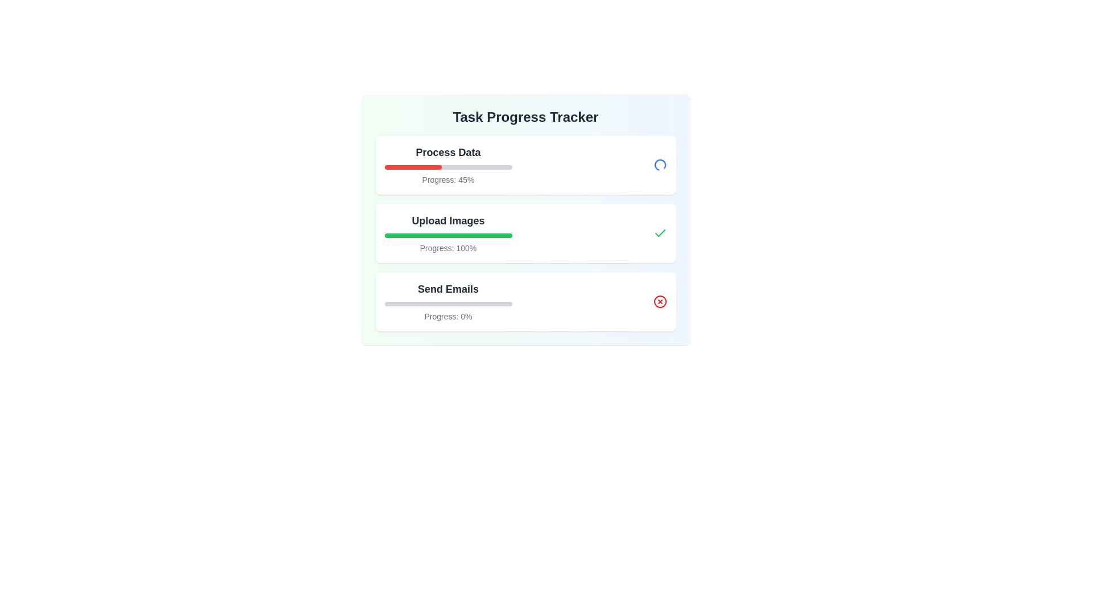 This screenshot has width=1093, height=615. What do you see at coordinates (447, 303) in the screenshot?
I see `the progress bar located below the 'Send Emails' text, which visually represents the progress of the 'Send Emails' task` at bounding box center [447, 303].